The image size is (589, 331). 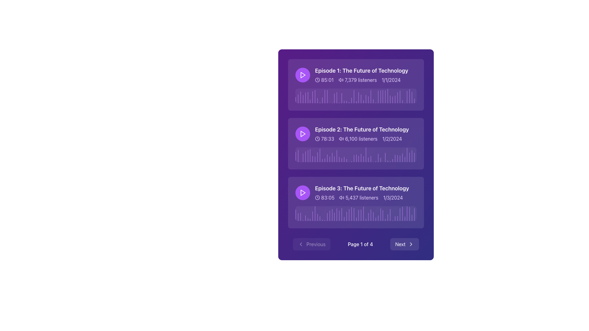 What do you see at coordinates (308, 219) in the screenshot?
I see `the sixth purple waveform bar located in the middle of the waveform below the 'Episode 3: The Future of Technology' section` at bounding box center [308, 219].